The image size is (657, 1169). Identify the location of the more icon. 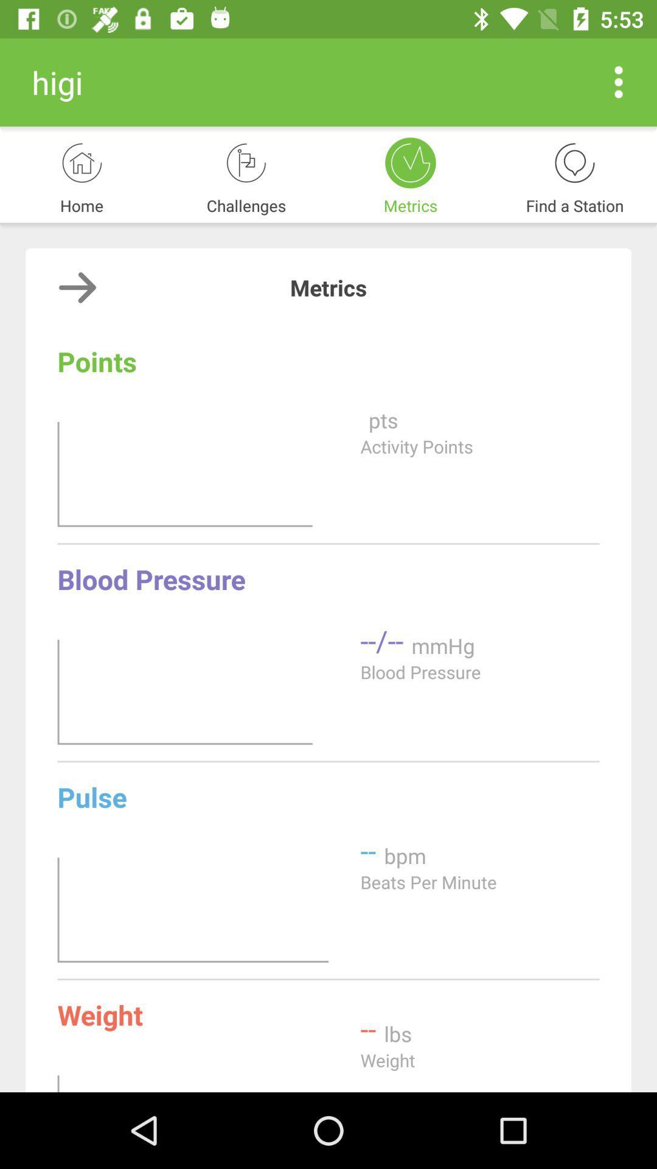
(619, 81).